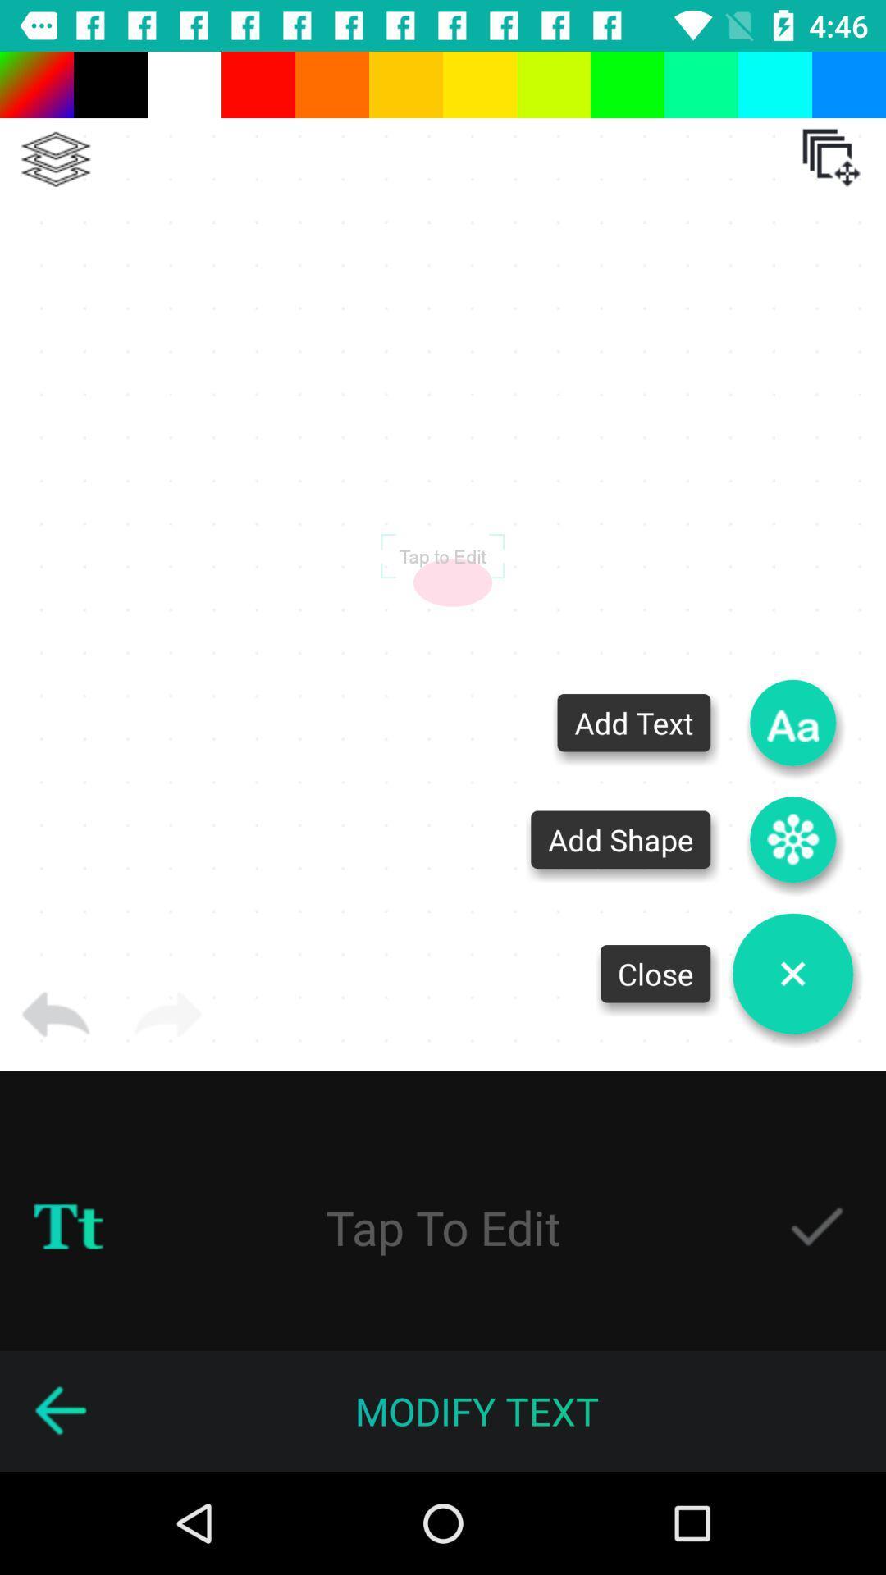 This screenshot has width=886, height=1575. Describe the element at coordinates (792, 974) in the screenshot. I see `the close icon` at that location.